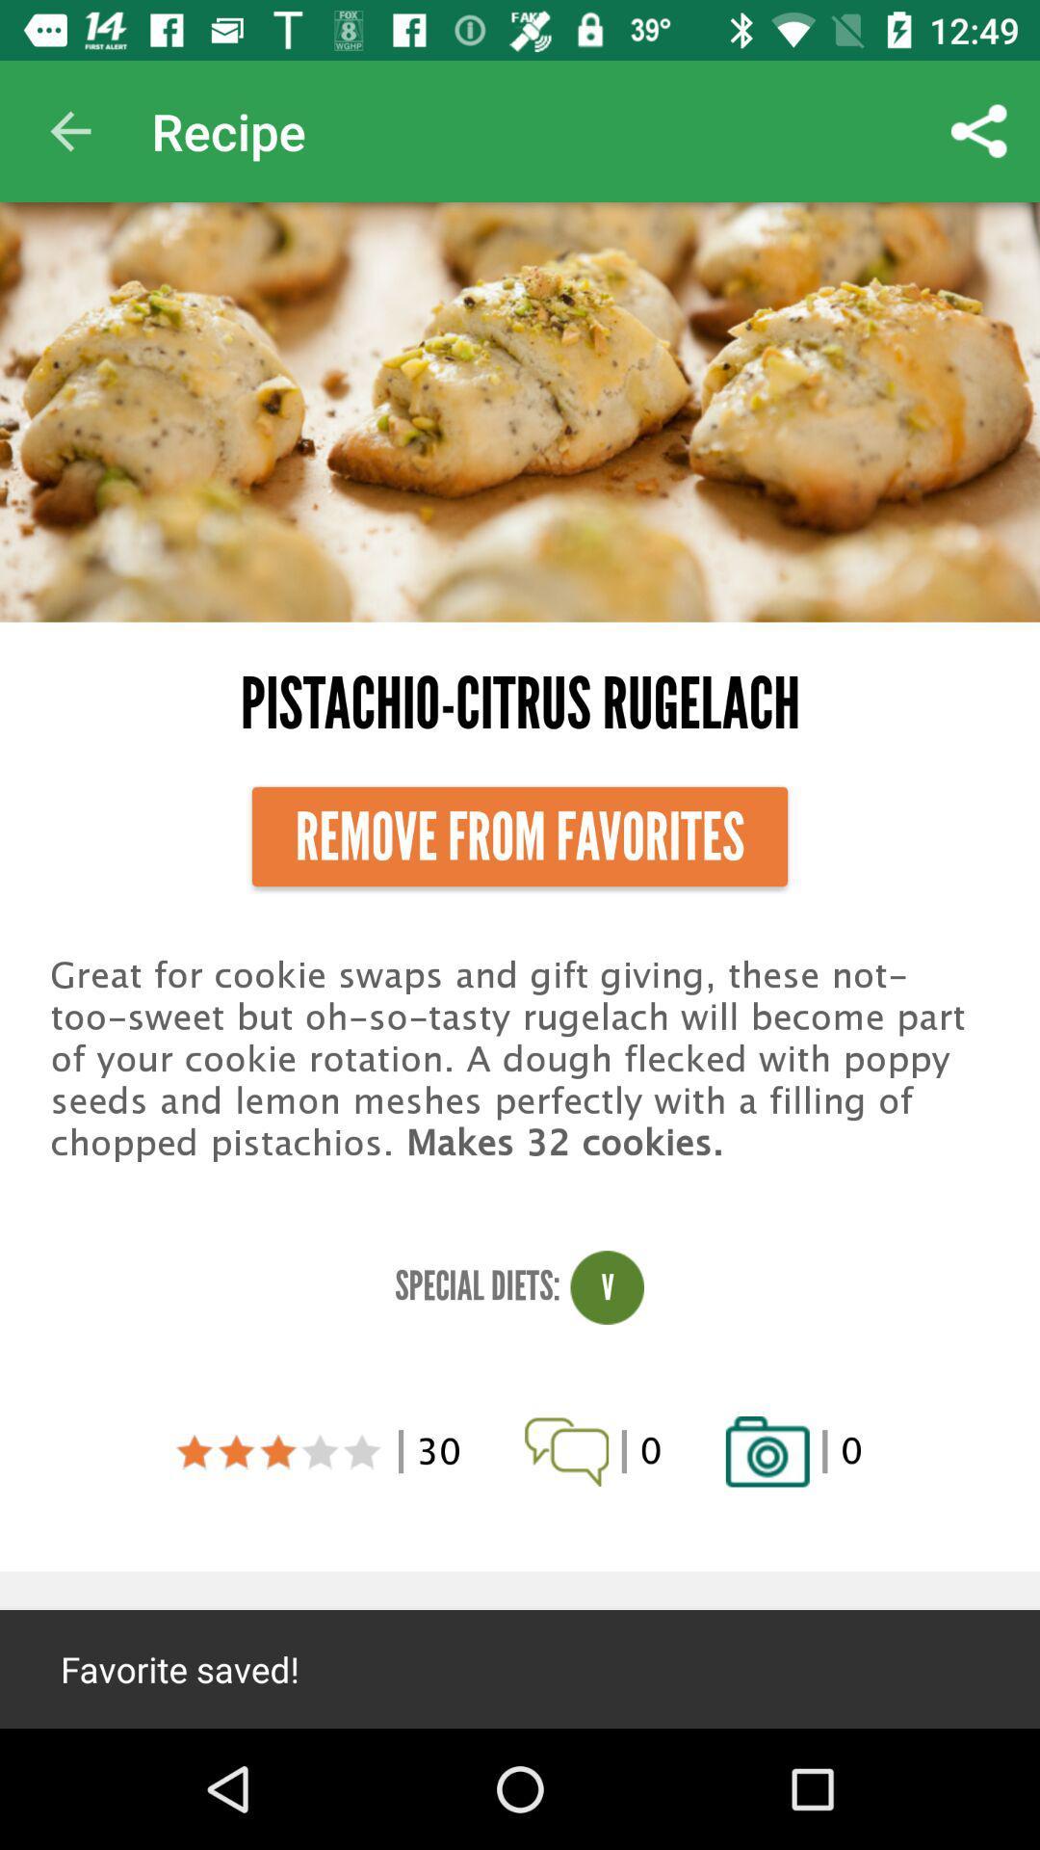 The height and width of the screenshot is (1850, 1040). Describe the element at coordinates (69, 130) in the screenshot. I see `the app next to recipe item` at that location.